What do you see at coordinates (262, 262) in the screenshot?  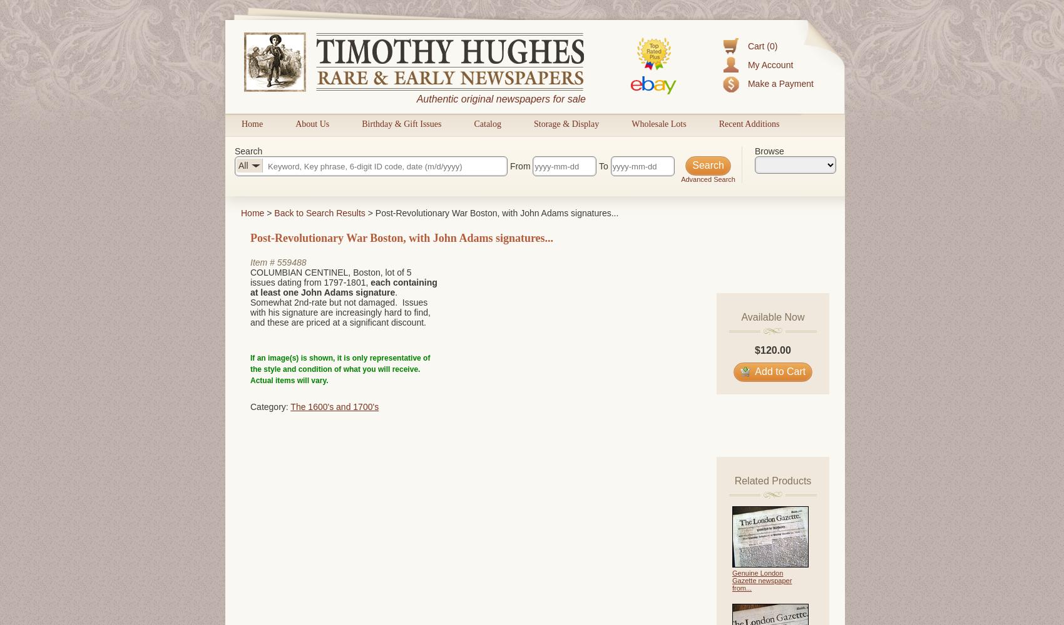 I see `'Item #'` at bounding box center [262, 262].